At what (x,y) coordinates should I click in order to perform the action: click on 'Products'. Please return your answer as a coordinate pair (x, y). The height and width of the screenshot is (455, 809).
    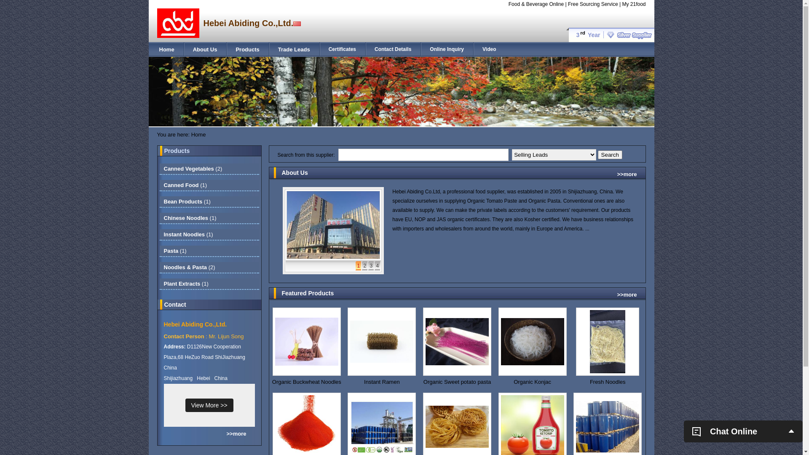
    Looking at the image, I should click on (177, 150).